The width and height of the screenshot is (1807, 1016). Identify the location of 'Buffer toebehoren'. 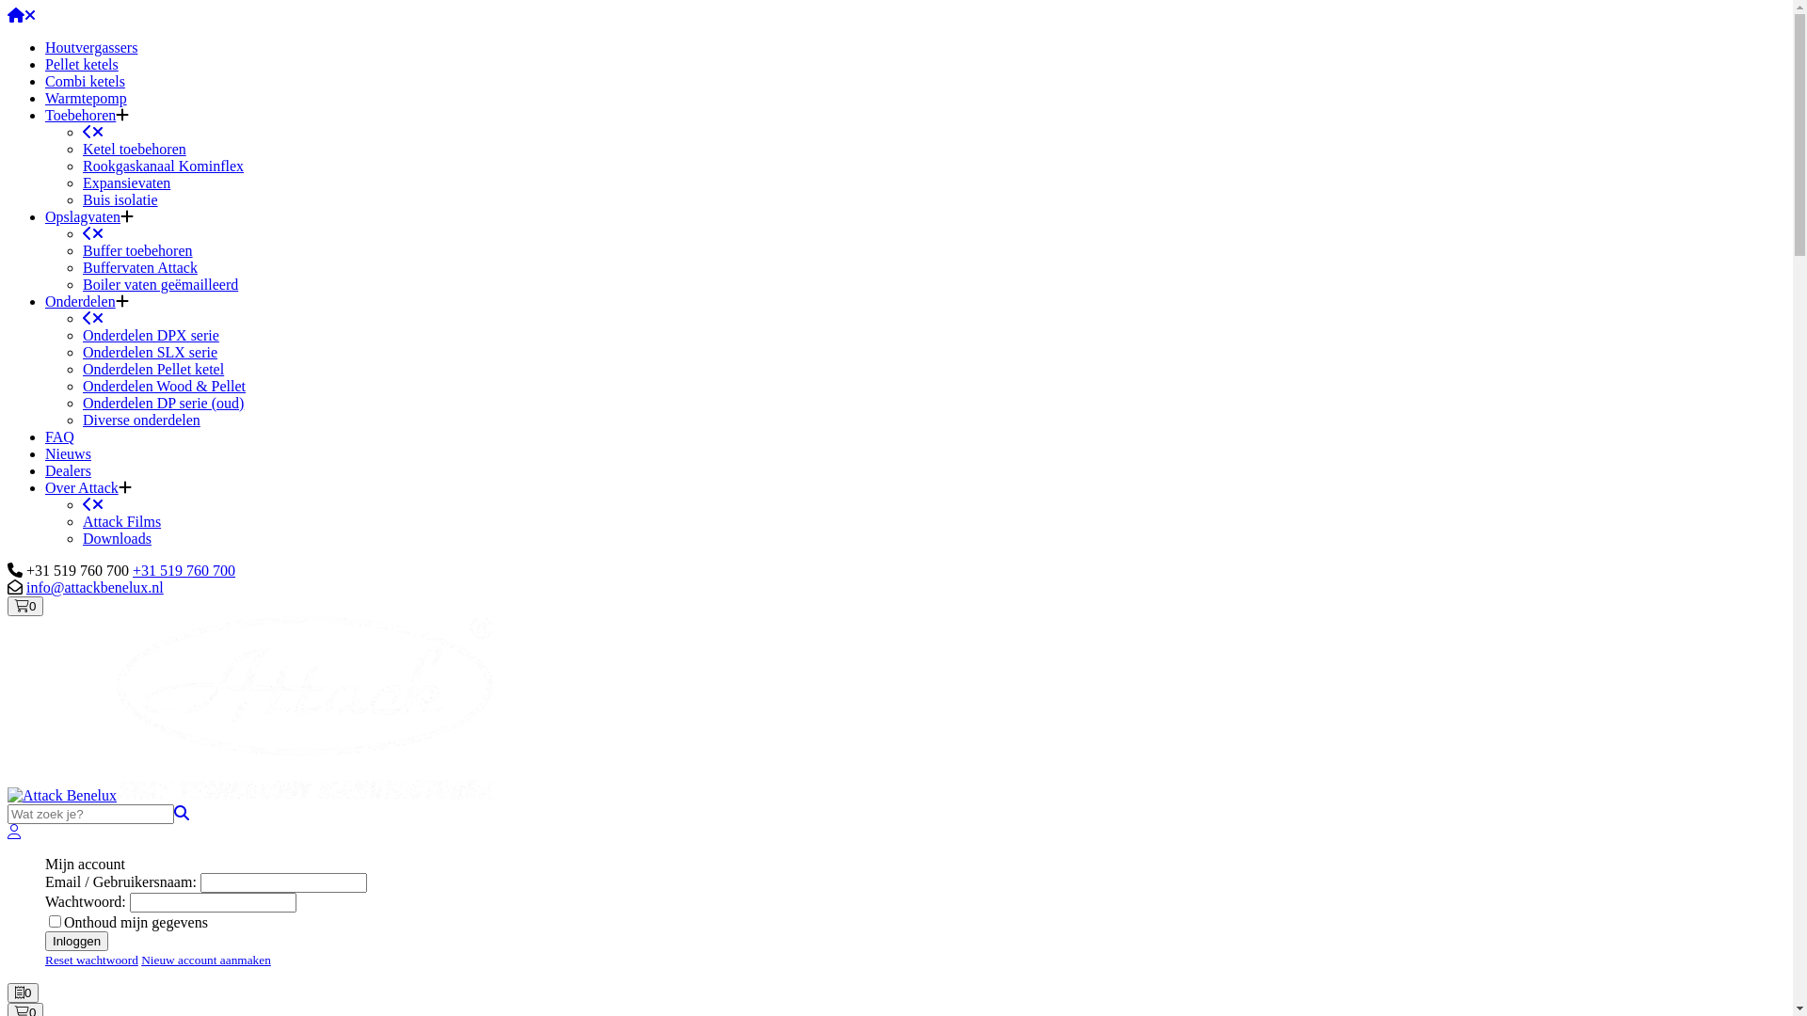
(136, 249).